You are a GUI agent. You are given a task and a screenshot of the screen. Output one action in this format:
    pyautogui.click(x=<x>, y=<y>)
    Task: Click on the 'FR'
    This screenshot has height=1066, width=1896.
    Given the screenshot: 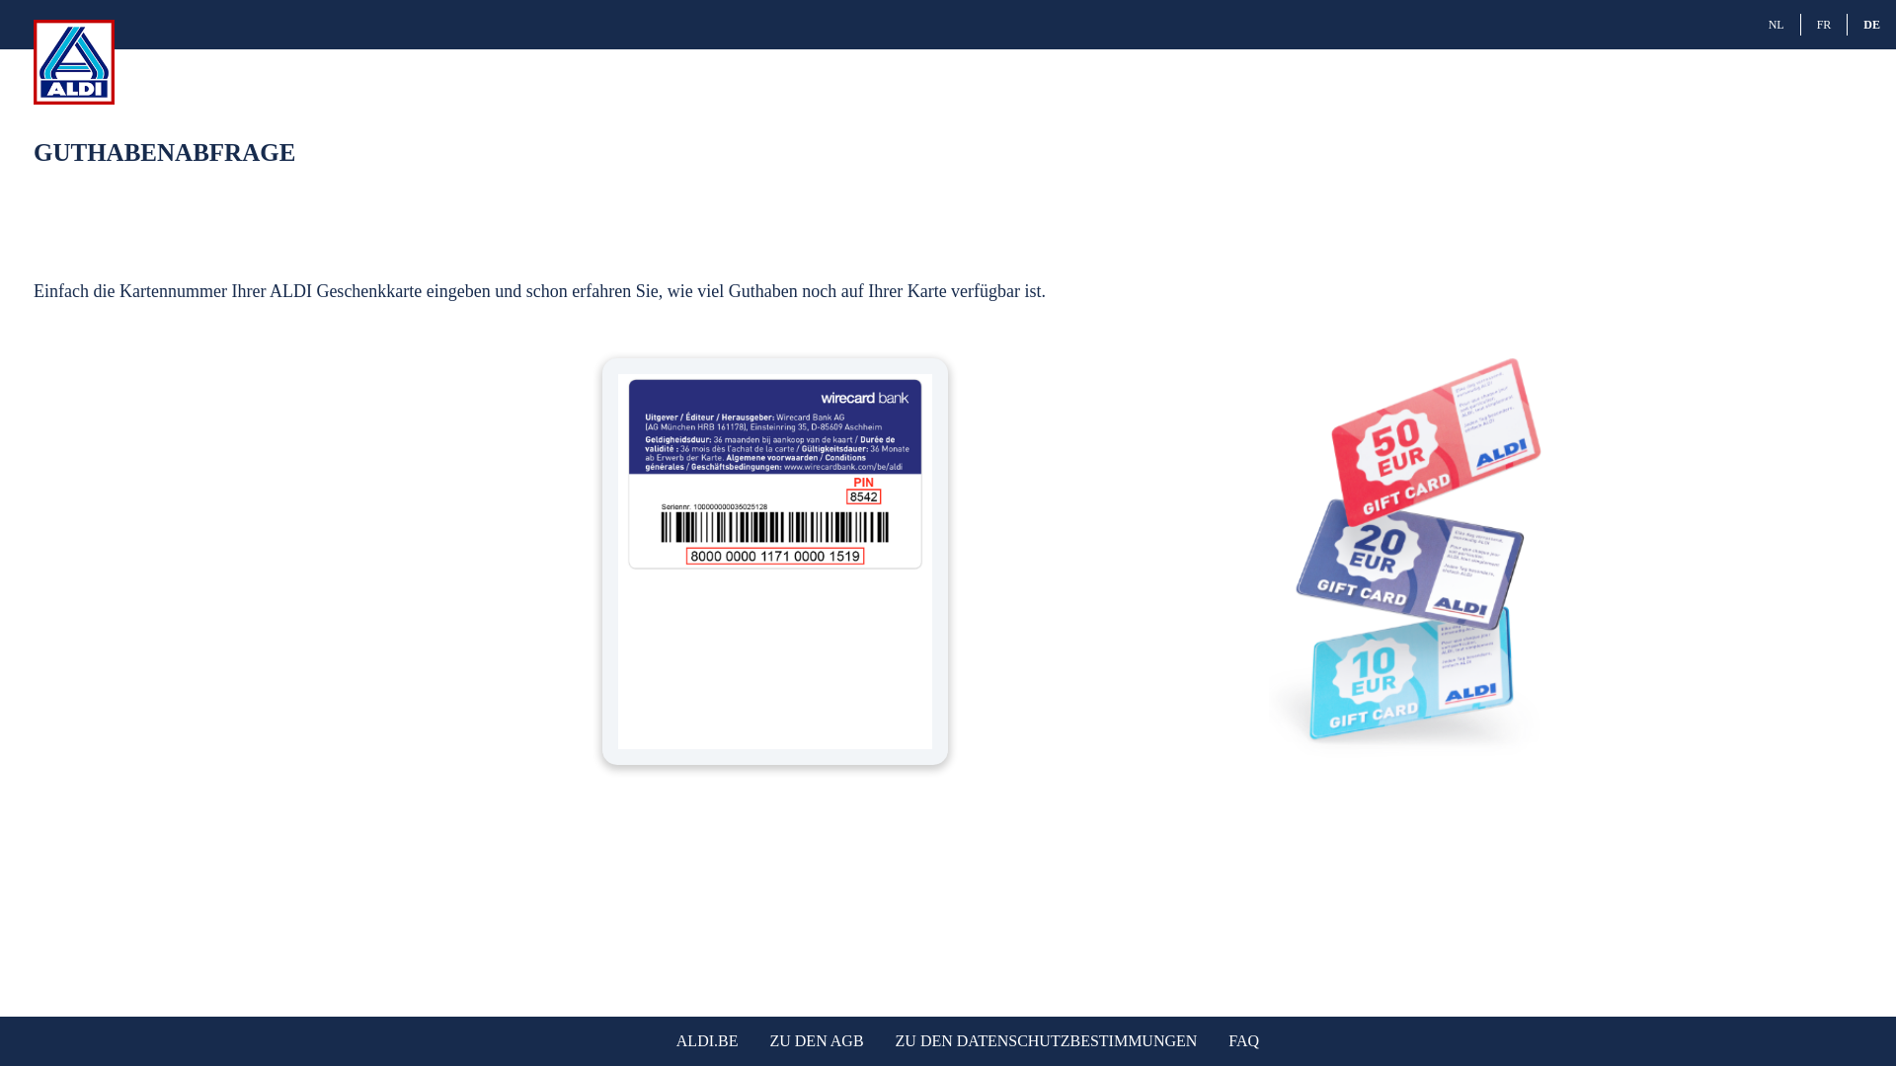 What is the action you would take?
    pyautogui.click(x=1823, y=24)
    